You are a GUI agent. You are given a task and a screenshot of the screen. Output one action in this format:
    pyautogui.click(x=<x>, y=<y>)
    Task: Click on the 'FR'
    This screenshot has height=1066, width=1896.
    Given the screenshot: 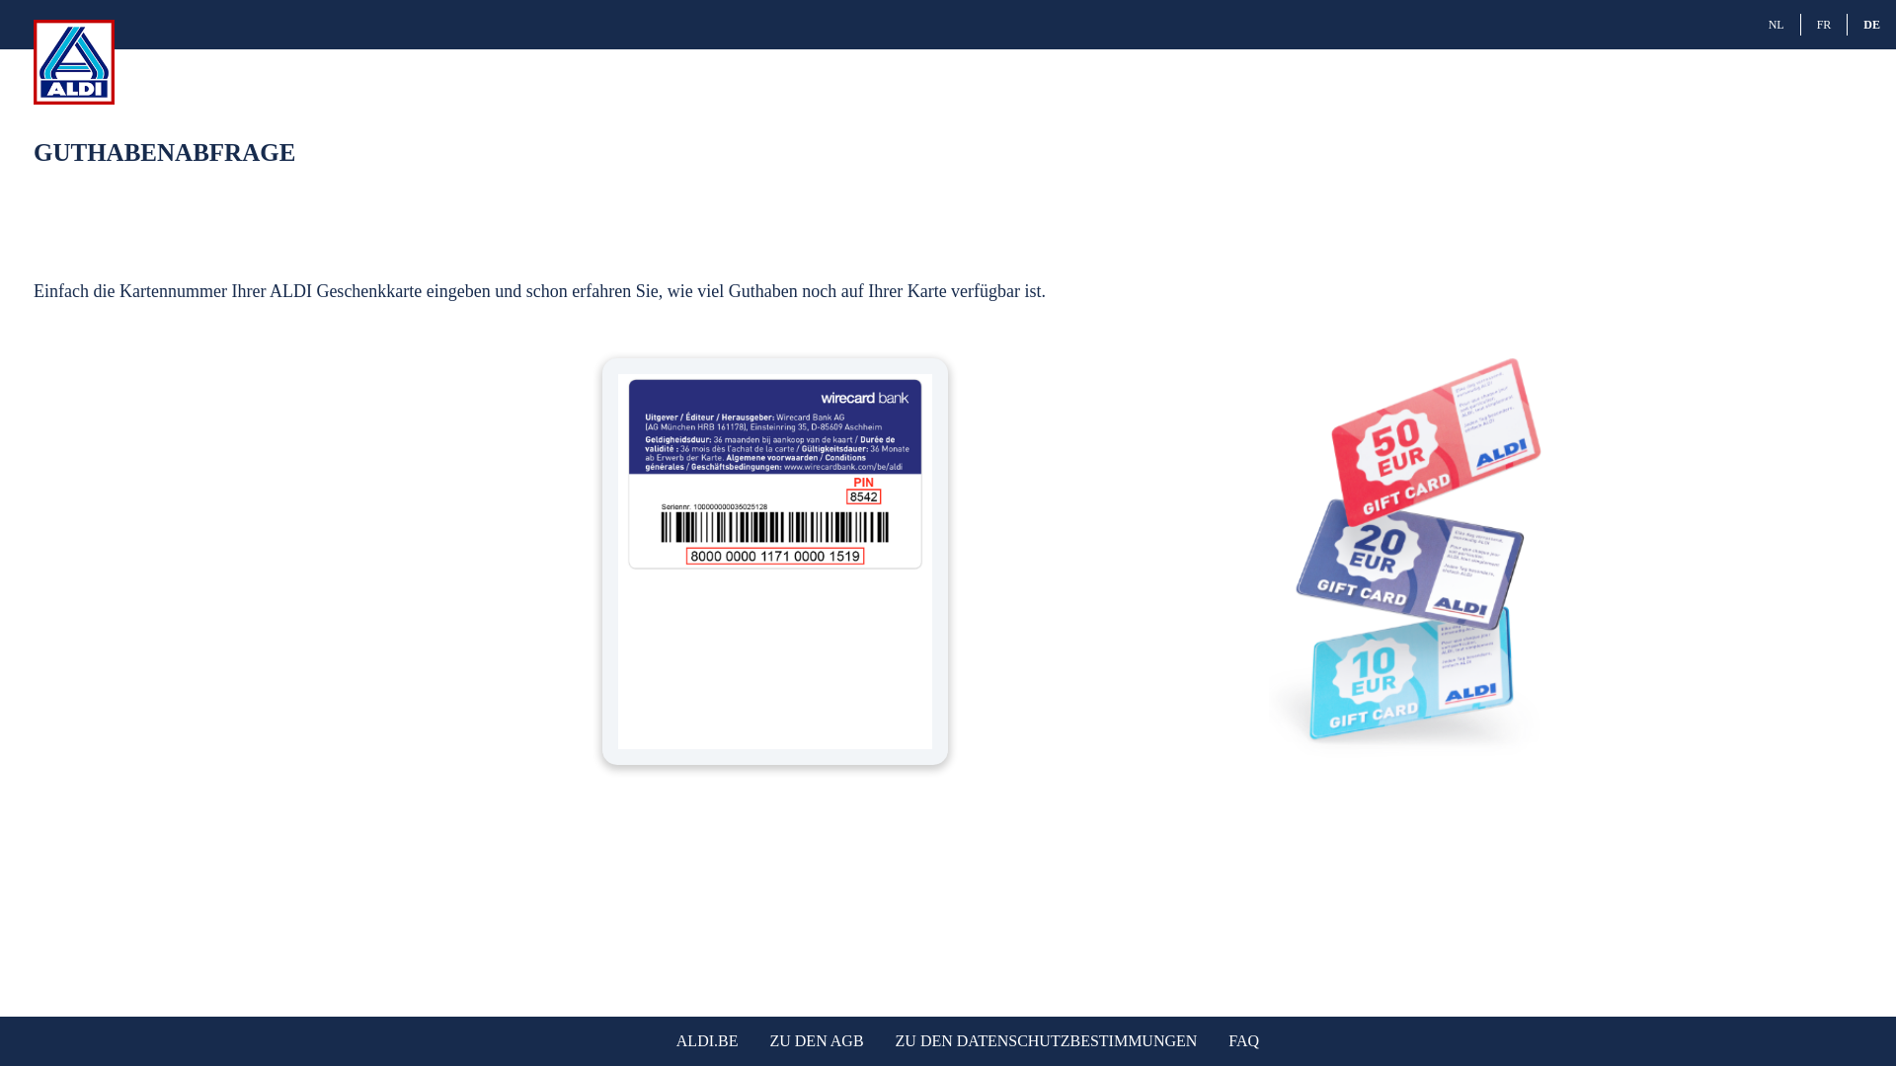 What is the action you would take?
    pyautogui.click(x=1823, y=24)
    